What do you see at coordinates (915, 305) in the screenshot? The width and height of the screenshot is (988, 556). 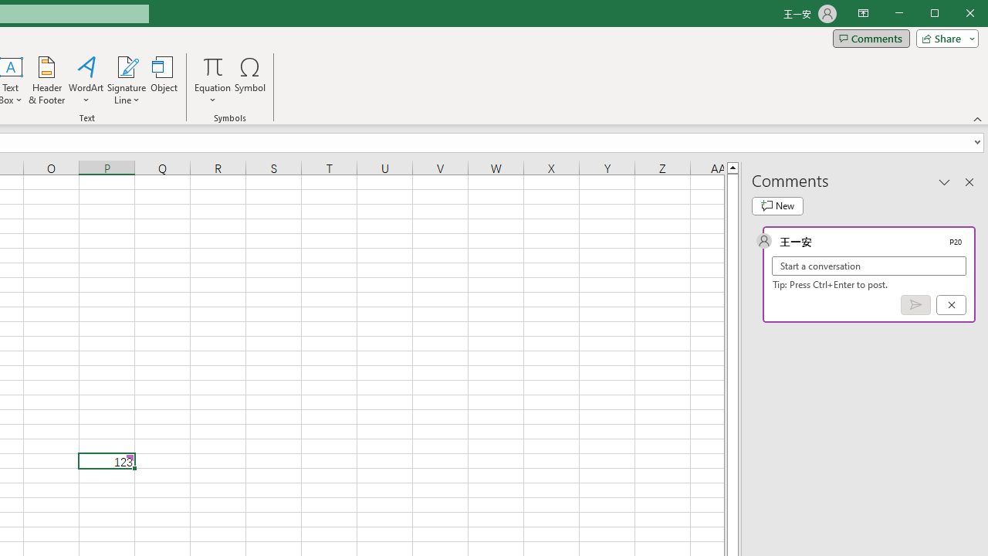 I see `'Post comment (Ctrl + Enter)'` at bounding box center [915, 305].